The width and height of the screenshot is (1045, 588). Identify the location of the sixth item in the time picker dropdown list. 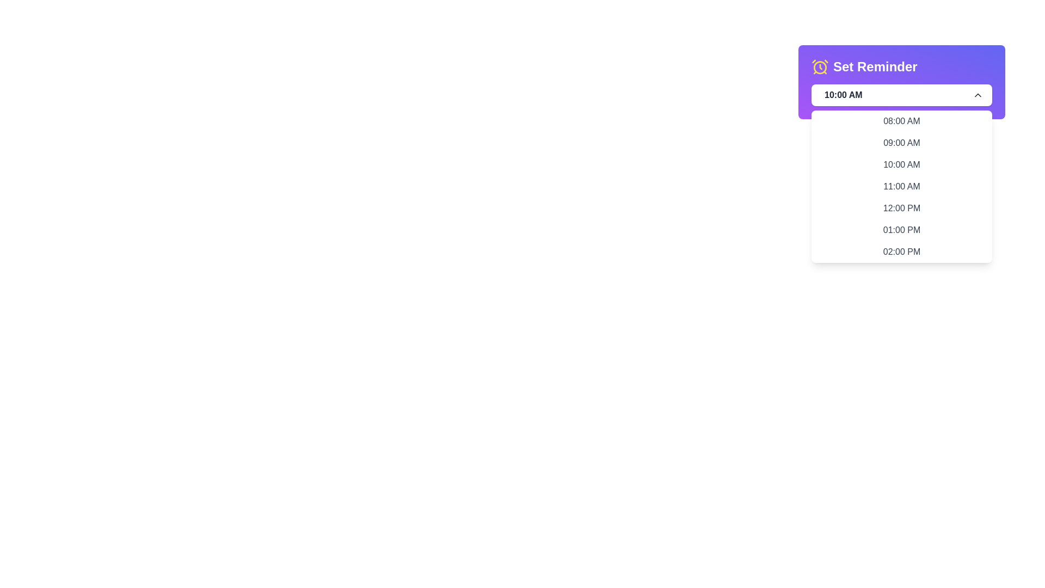
(901, 230).